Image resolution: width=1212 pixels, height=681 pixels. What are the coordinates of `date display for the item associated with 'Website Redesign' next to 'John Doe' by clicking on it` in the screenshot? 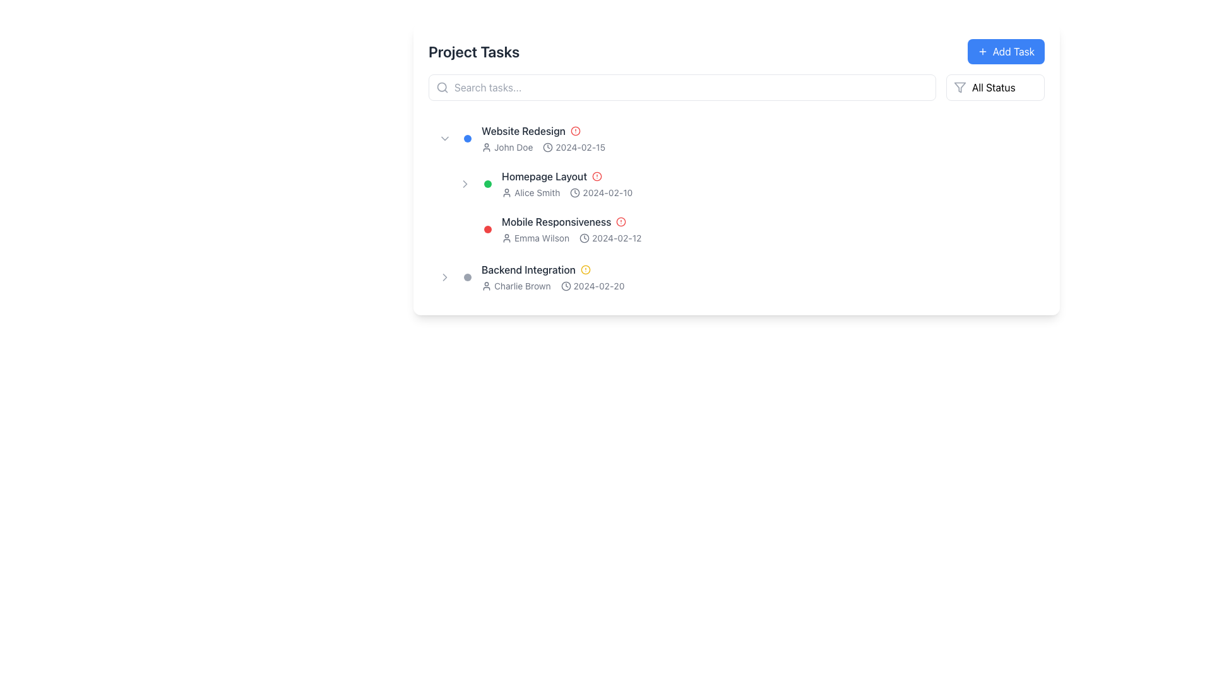 It's located at (573, 147).